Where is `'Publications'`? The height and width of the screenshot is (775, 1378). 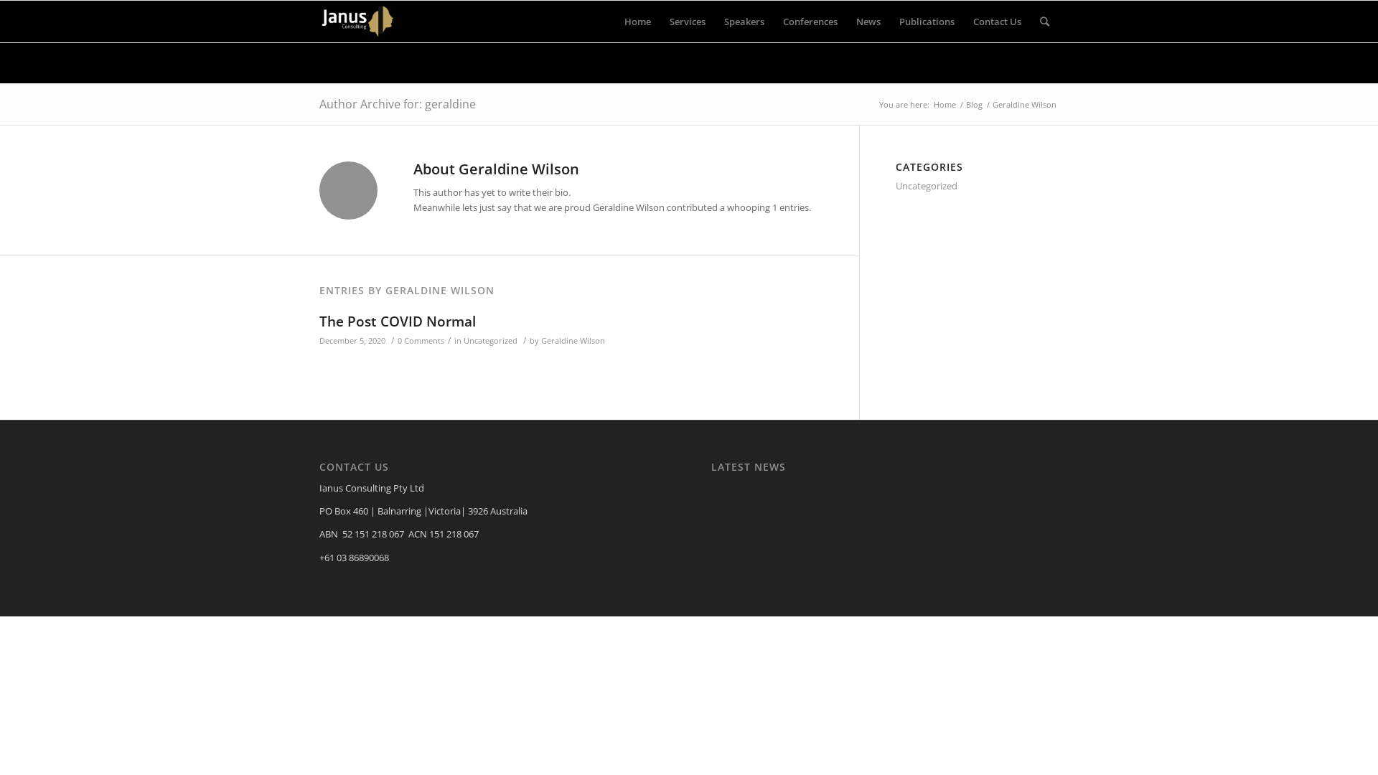
'Publications' is located at coordinates (927, 22).